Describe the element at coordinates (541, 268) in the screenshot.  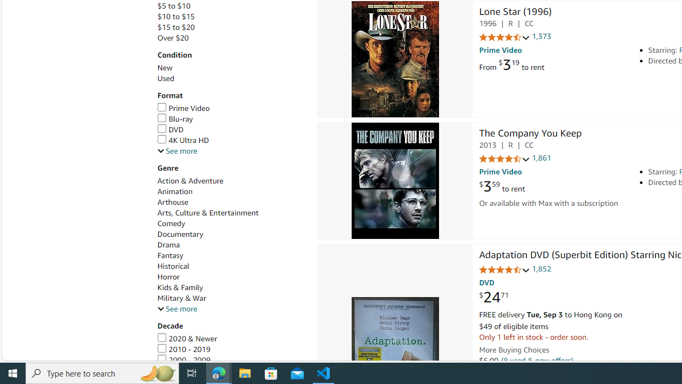
I see `'1,852'` at that location.